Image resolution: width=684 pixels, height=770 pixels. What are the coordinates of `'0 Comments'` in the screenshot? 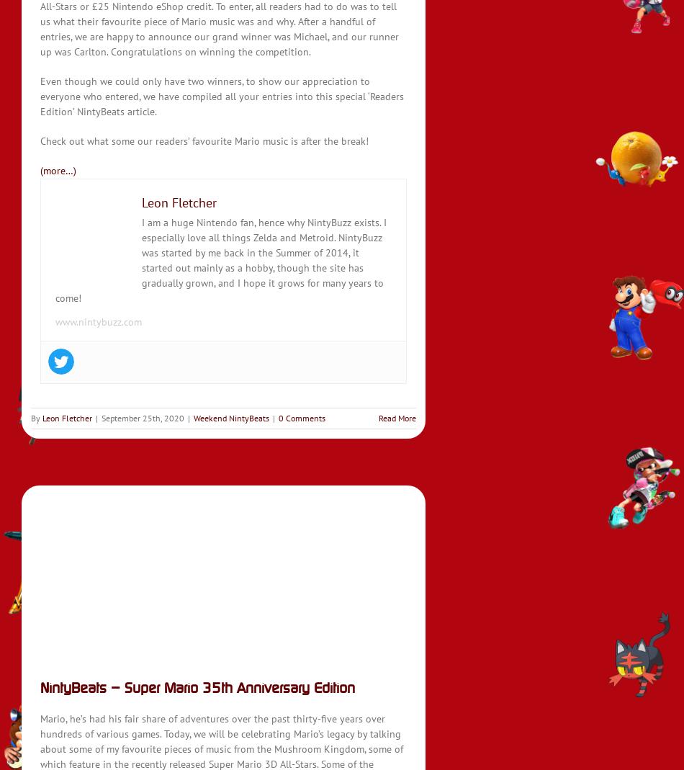 It's located at (301, 417).